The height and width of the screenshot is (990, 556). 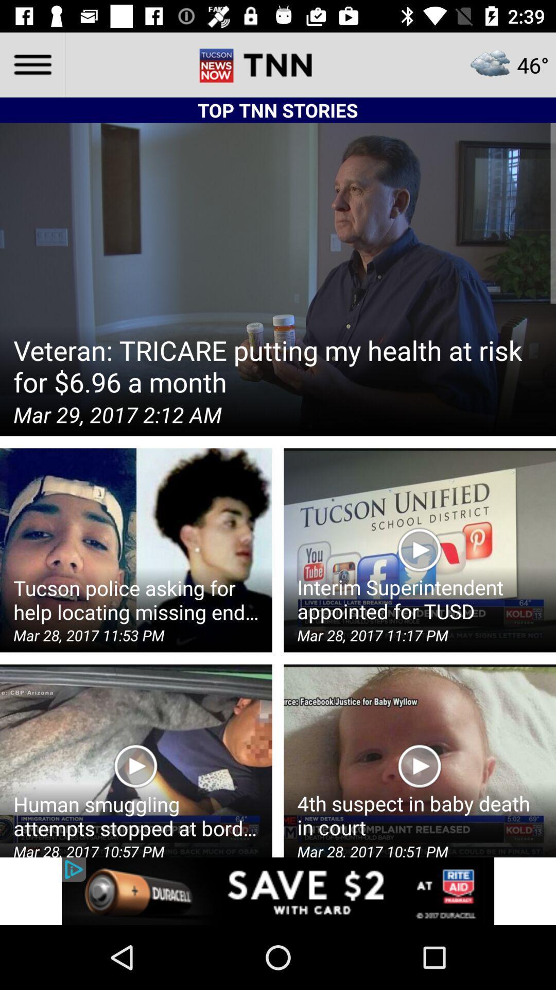 What do you see at coordinates (242, 64) in the screenshot?
I see `the font icon` at bounding box center [242, 64].